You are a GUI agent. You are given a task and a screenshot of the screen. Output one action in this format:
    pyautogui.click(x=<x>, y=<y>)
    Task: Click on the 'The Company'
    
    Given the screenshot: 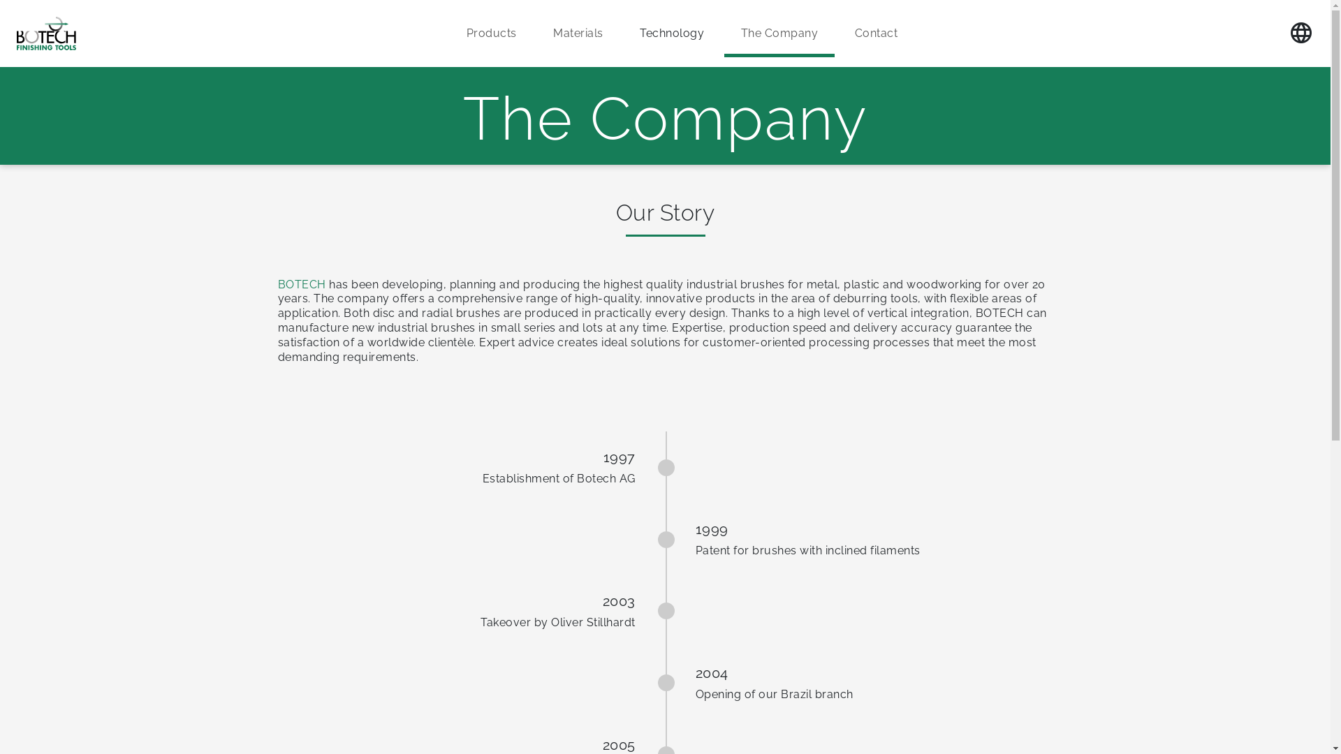 What is the action you would take?
    pyautogui.click(x=779, y=33)
    